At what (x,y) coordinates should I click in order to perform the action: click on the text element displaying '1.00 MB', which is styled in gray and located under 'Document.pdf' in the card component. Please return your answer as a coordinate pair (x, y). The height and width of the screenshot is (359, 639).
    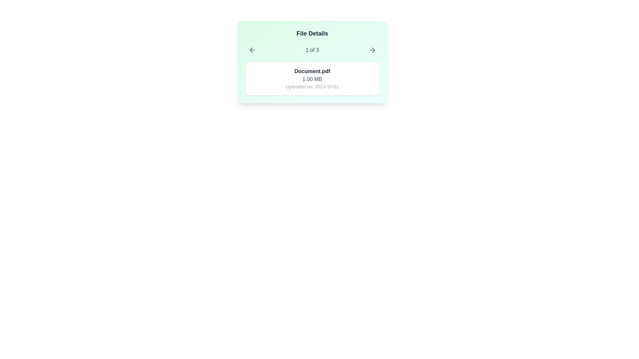
    Looking at the image, I should click on (312, 79).